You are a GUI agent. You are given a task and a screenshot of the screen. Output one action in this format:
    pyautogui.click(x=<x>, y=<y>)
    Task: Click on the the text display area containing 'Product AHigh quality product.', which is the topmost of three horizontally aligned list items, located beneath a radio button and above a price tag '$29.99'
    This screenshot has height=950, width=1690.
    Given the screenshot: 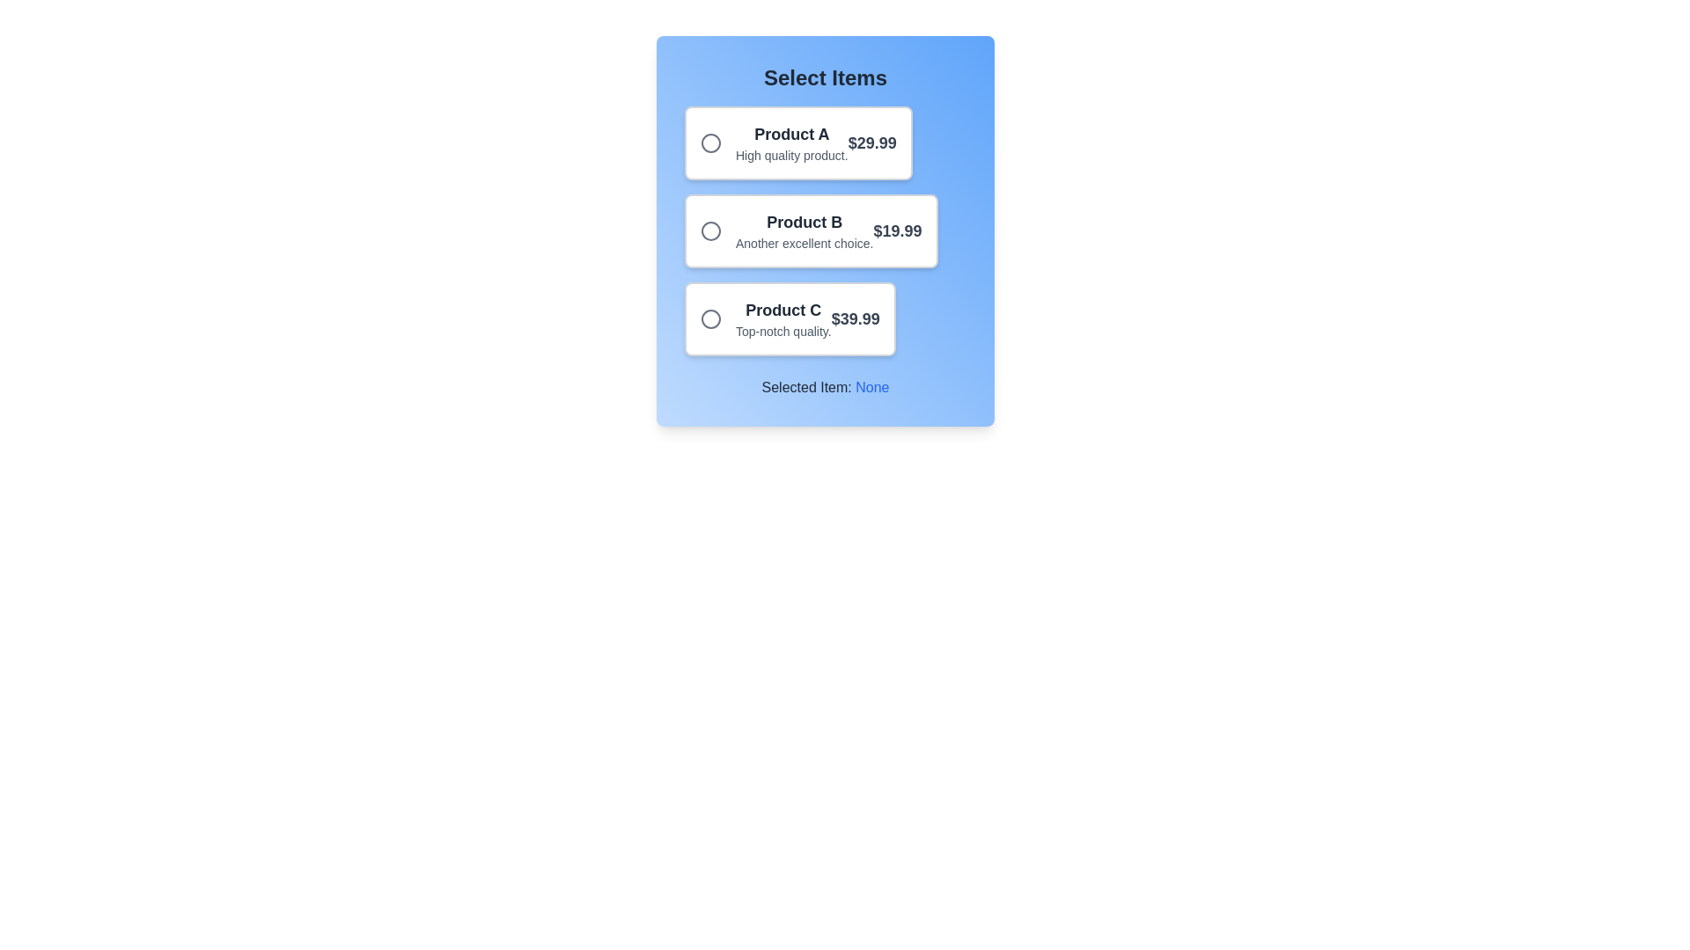 What is the action you would take?
    pyautogui.click(x=790, y=142)
    